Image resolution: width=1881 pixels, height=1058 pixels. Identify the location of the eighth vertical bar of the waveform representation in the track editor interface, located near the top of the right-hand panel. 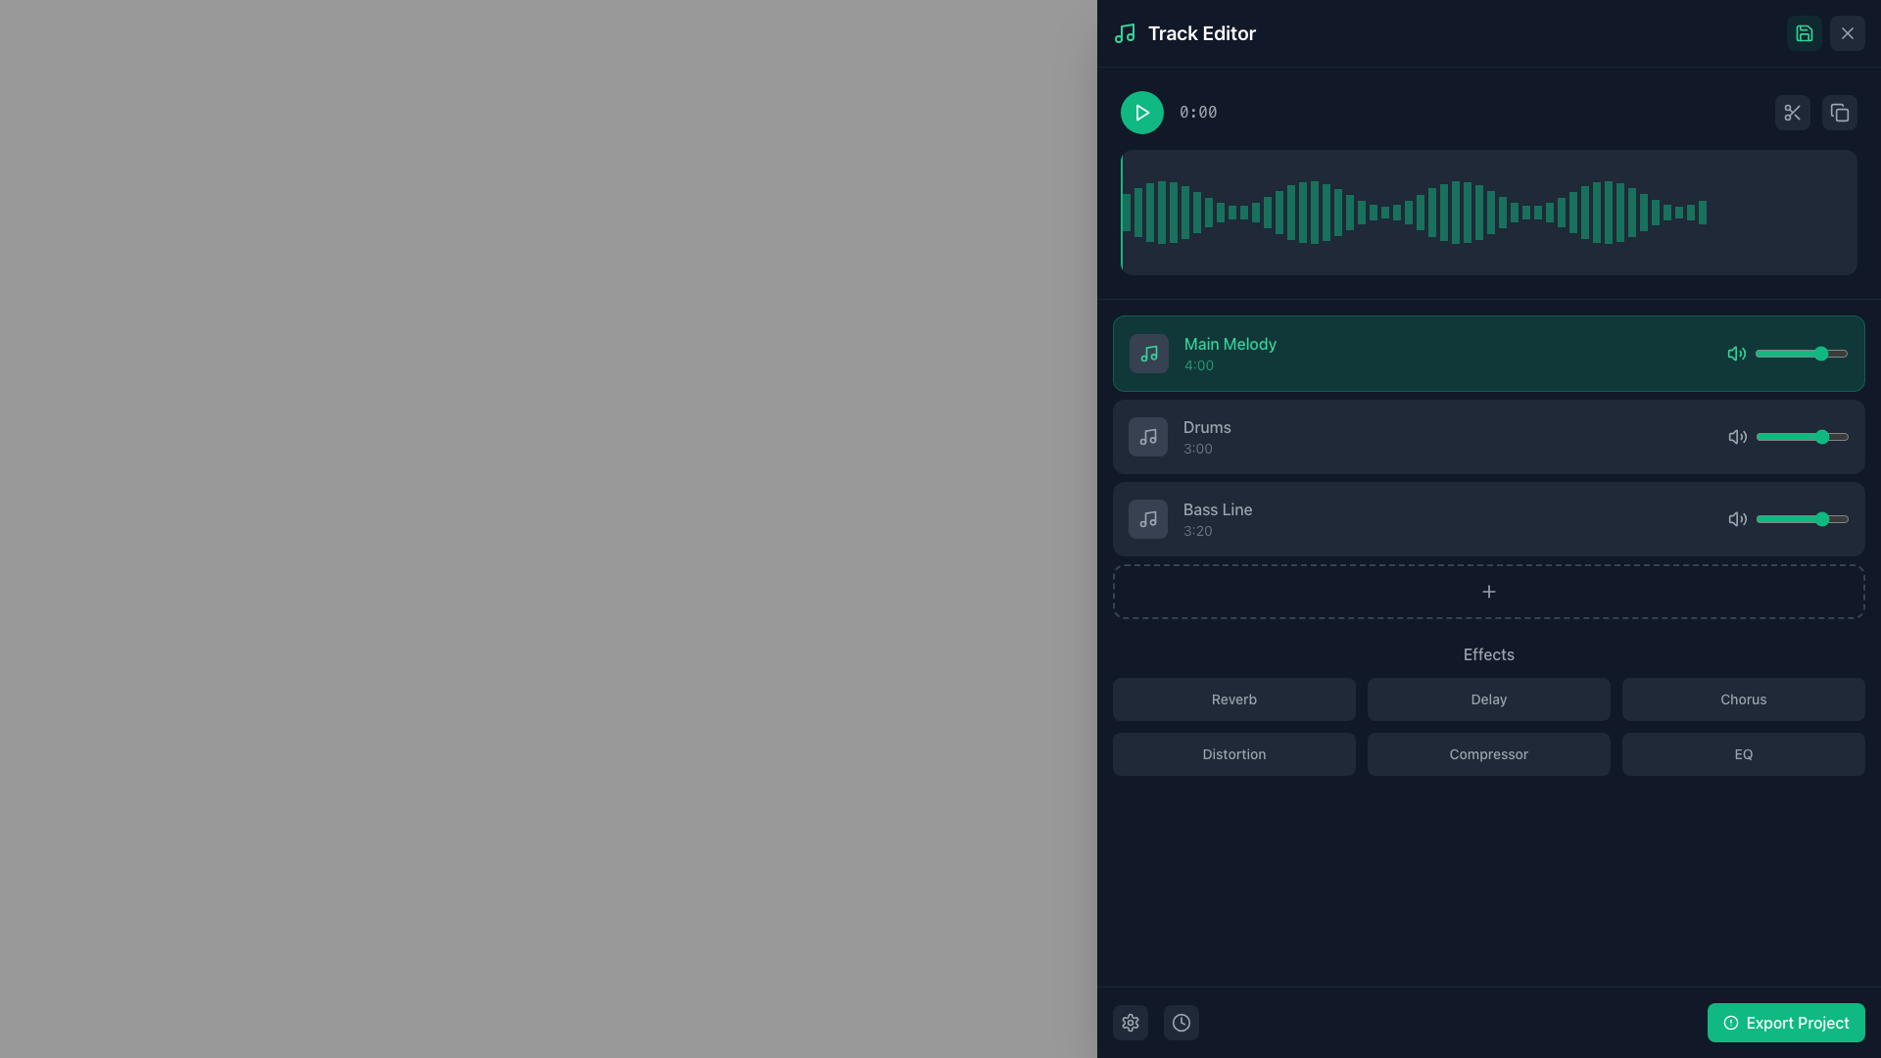
(1207, 212).